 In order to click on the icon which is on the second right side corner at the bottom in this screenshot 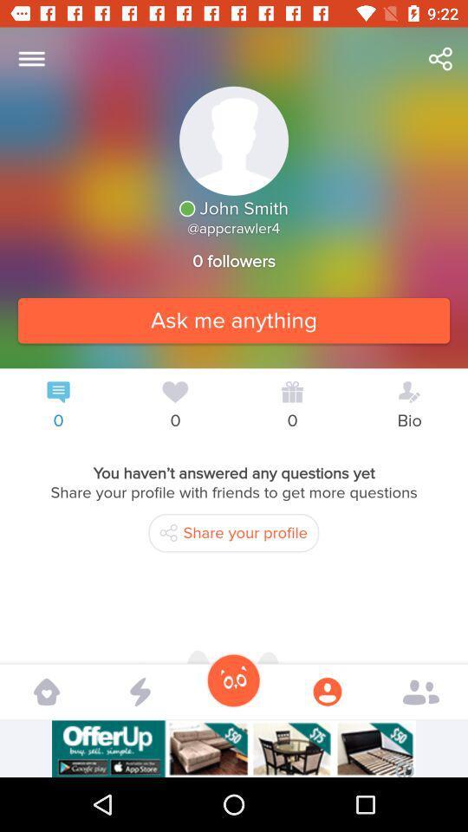, I will do `click(328, 691)`.